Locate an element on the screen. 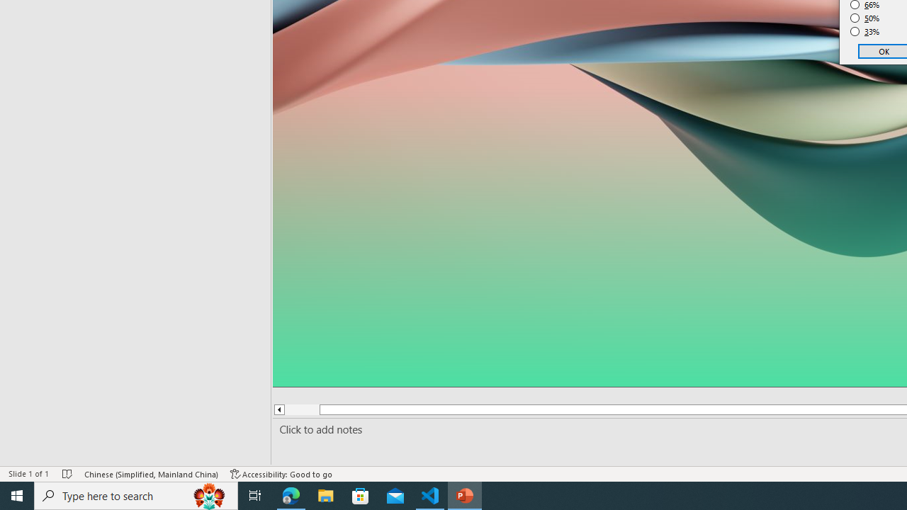 This screenshot has width=907, height=510. '50%' is located at coordinates (864, 18).